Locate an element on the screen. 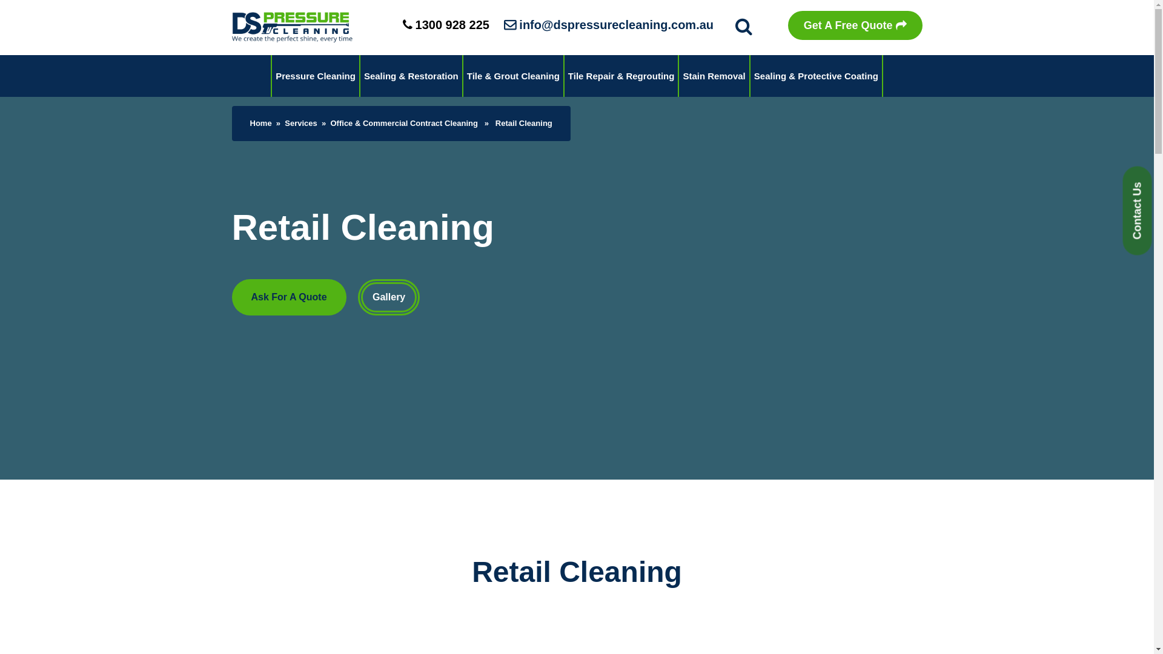  'Services' is located at coordinates (284, 123).